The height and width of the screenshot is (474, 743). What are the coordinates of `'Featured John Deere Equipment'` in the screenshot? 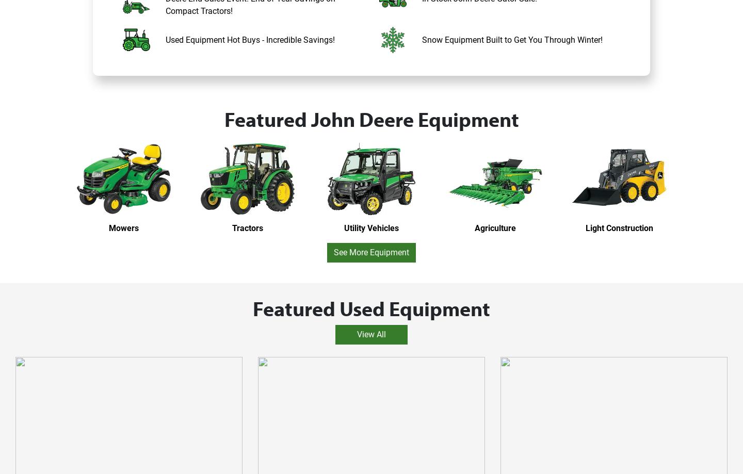 It's located at (371, 118).